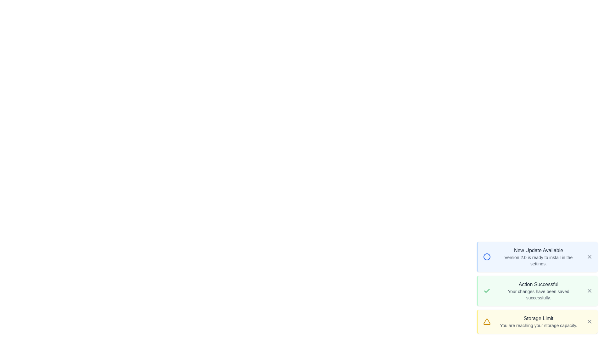 This screenshot has width=604, height=340. What do you see at coordinates (487, 291) in the screenshot?
I see `the icon associated with the alert success` at bounding box center [487, 291].